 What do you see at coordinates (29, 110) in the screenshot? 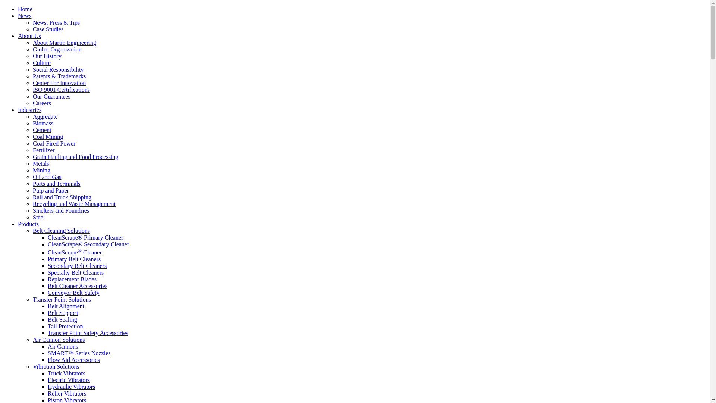
I see `'Industries'` at bounding box center [29, 110].